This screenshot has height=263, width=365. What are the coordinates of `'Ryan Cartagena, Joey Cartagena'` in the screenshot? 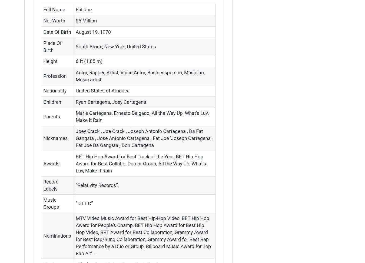 It's located at (111, 101).